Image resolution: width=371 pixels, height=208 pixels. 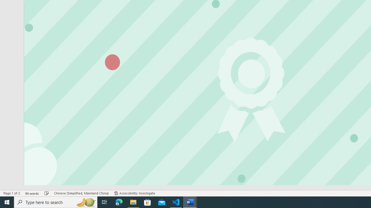 What do you see at coordinates (81, 193) in the screenshot?
I see `'Language Chinese (Simplified, Mainland China)'` at bounding box center [81, 193].